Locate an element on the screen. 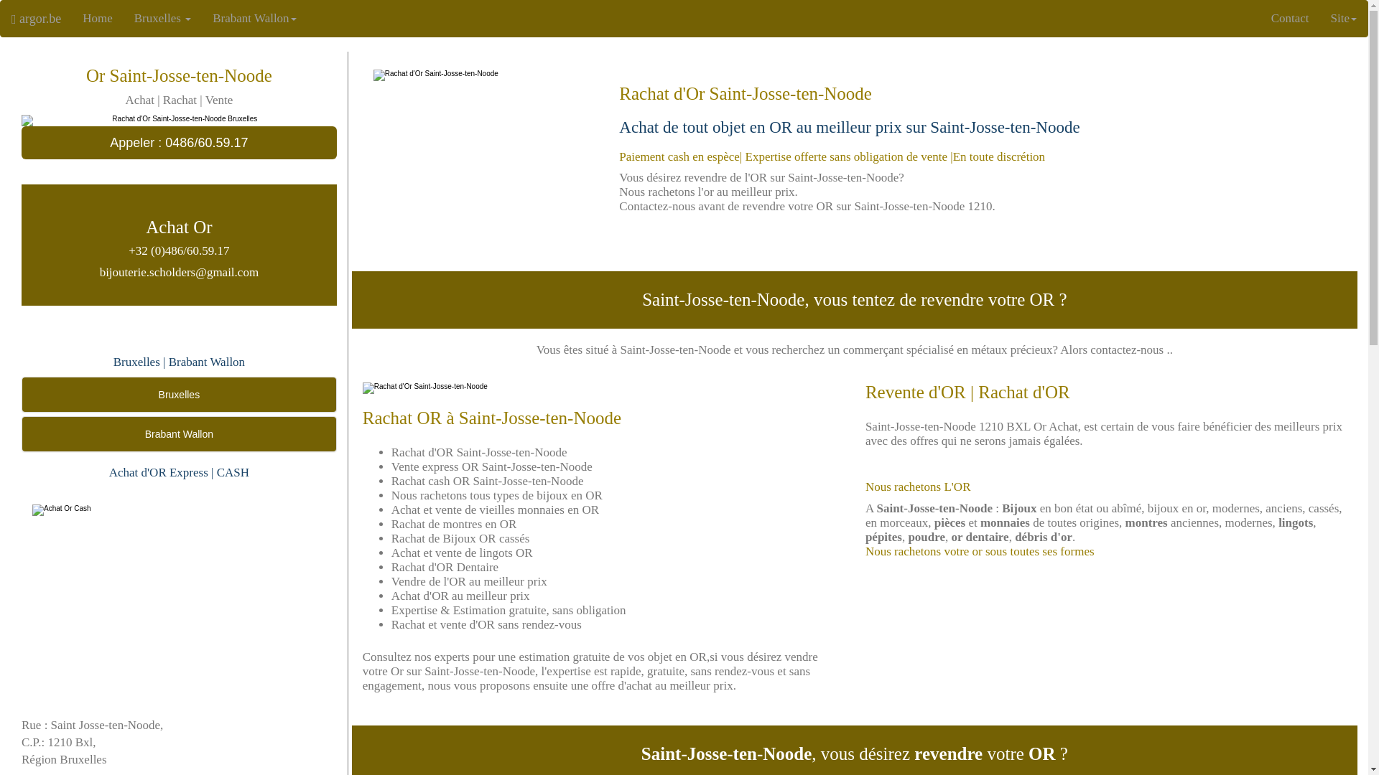 The width and height of the screenshot is (1379, 775). 'Brabant Wallon' is located at coordinates (201, 19).